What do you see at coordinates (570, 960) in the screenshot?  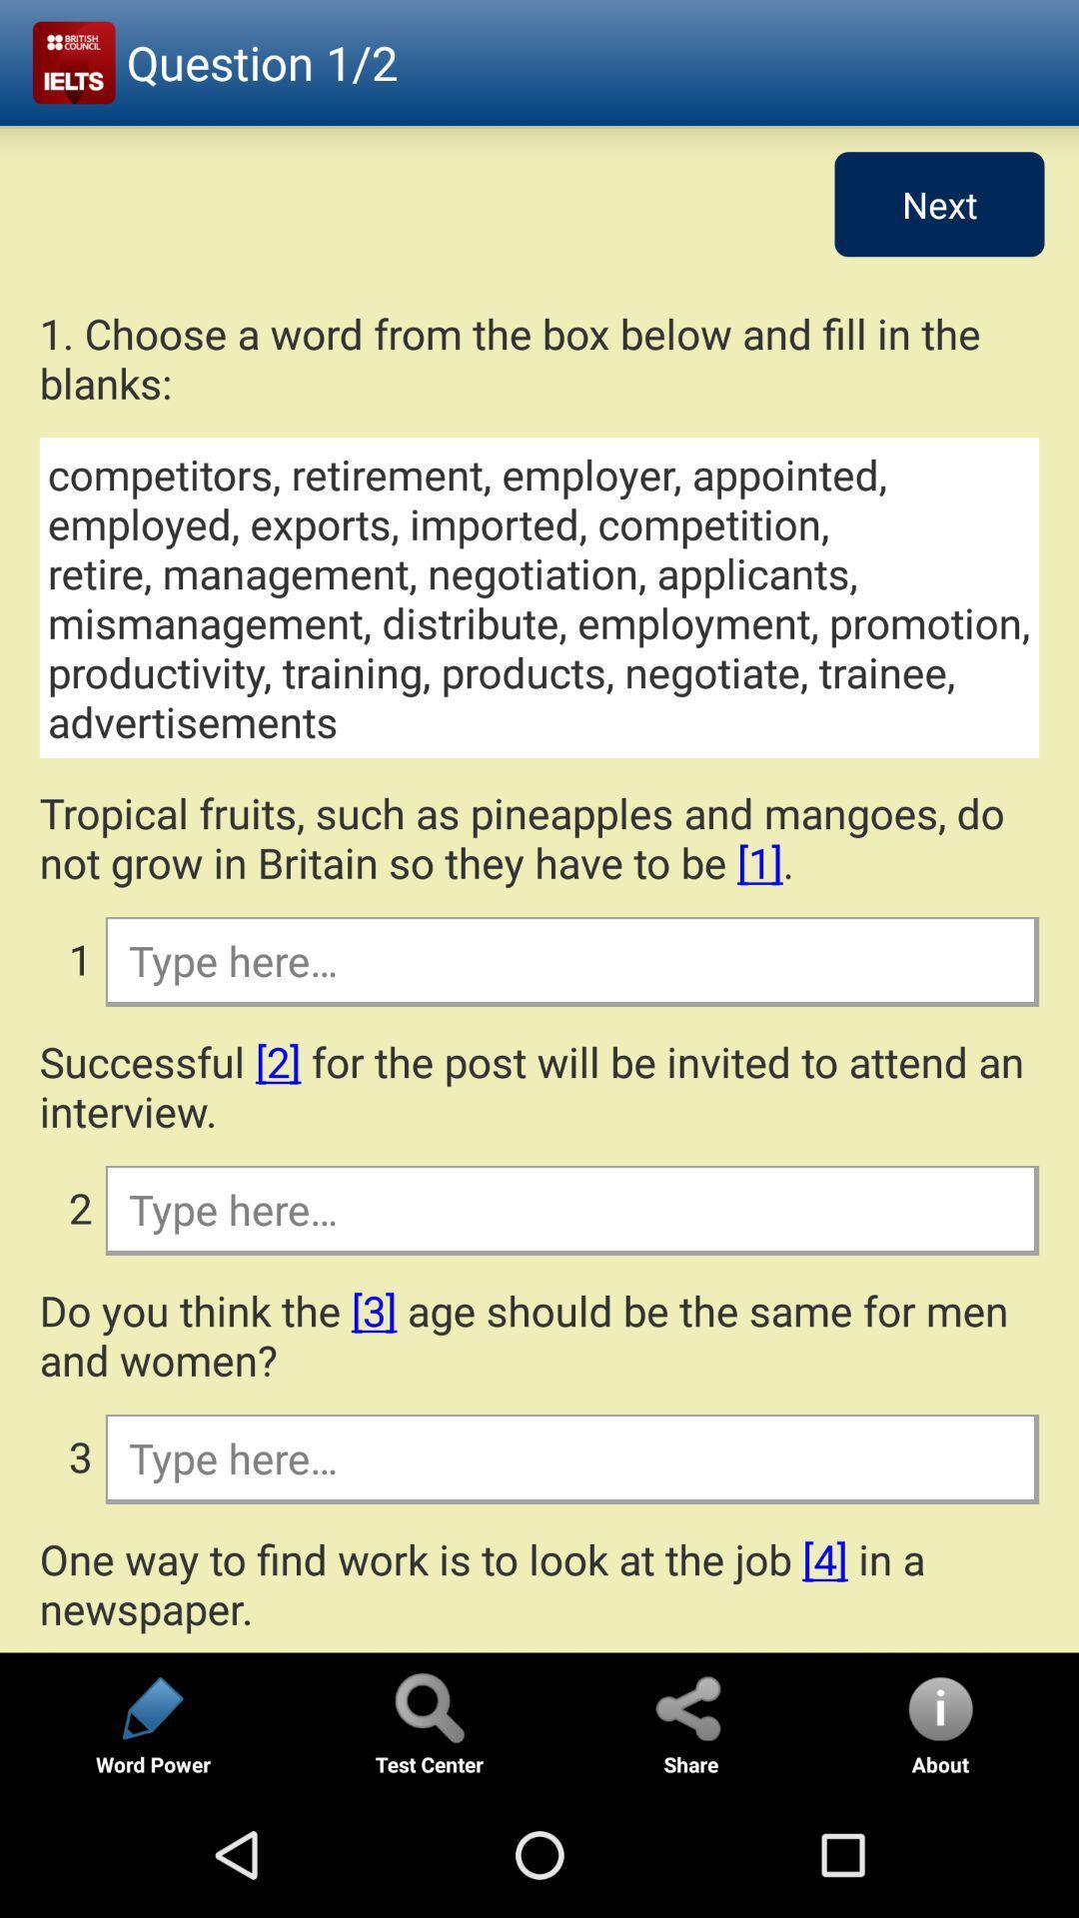 I see `comment option` at bounding box center [570, 960].